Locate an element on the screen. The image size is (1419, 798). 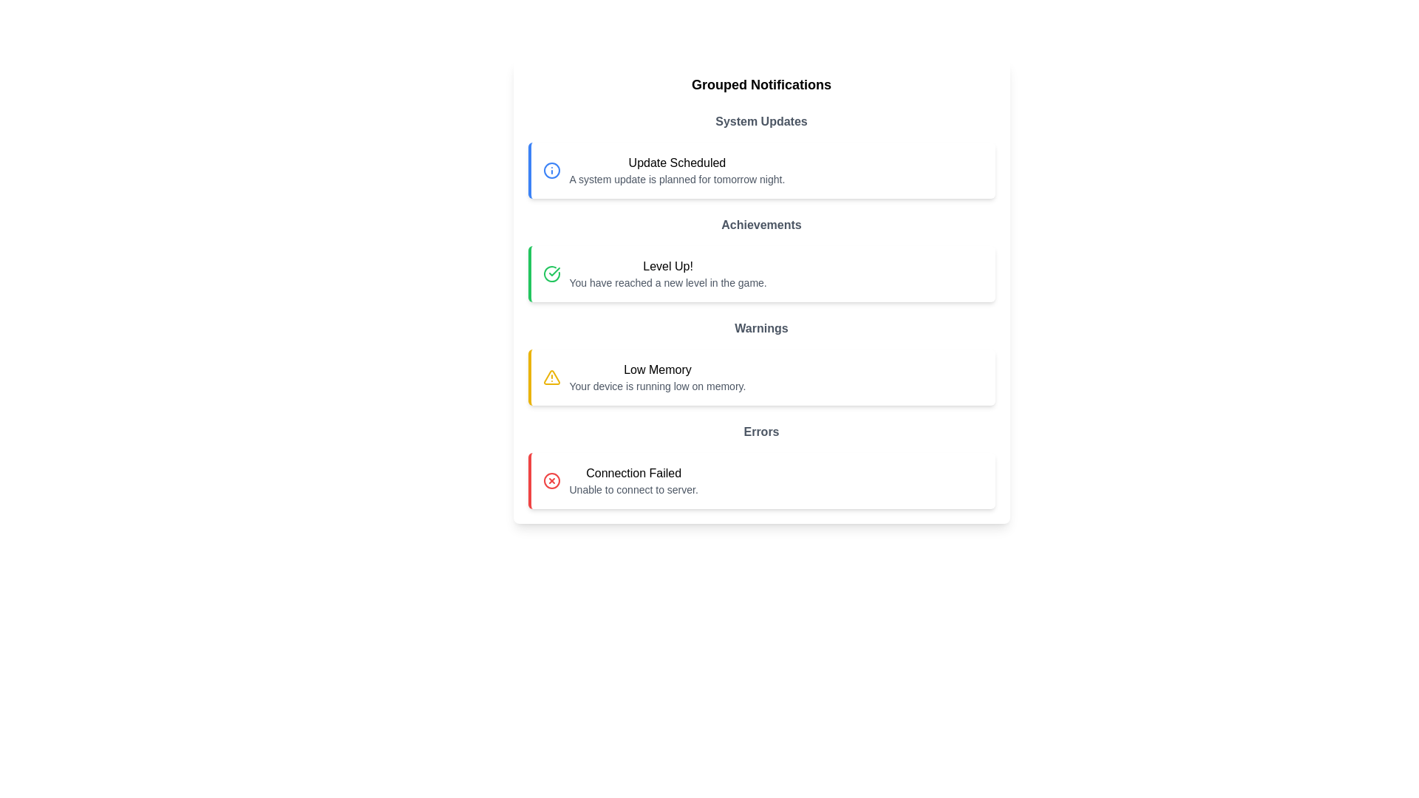
the triangular hazard icon with a bright yellow border and central exclamation mark in the 'Warnings' section of the notification list is located at coordinates (551, 376).